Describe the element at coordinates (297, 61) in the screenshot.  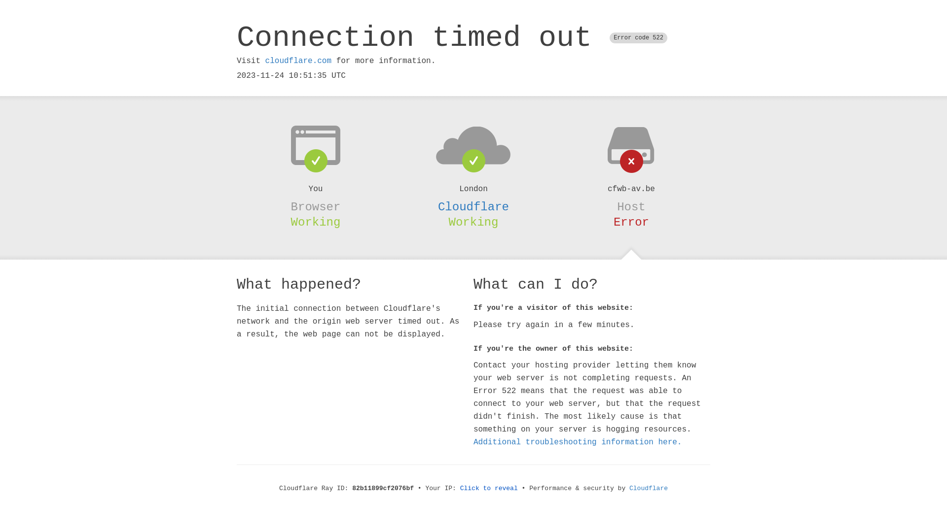
I see `'cloudflare.com'` at that location.